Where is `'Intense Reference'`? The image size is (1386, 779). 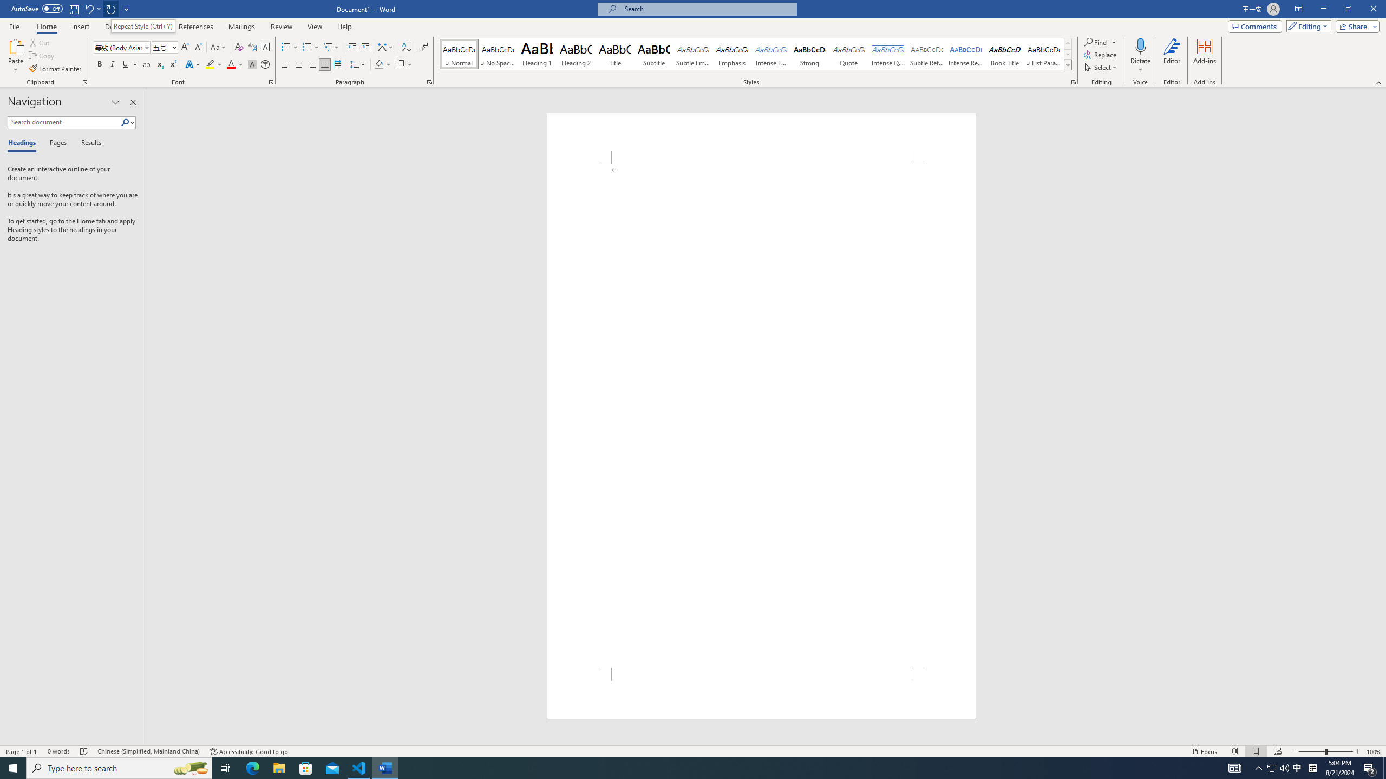
'Intense Reference' is located at coordinates (966, 54).